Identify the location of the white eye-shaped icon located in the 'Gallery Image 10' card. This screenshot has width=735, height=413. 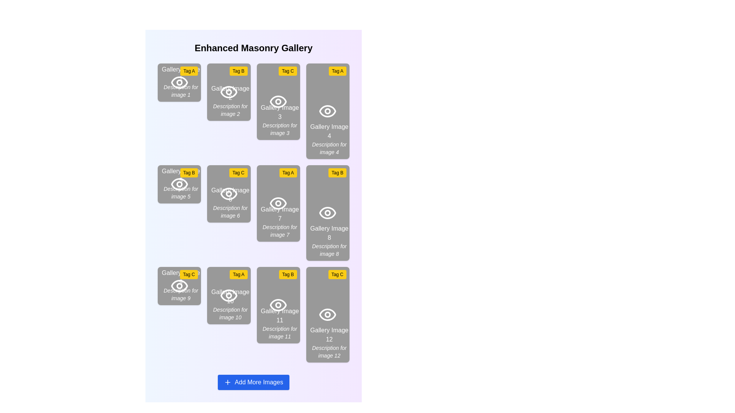
(228, 295).